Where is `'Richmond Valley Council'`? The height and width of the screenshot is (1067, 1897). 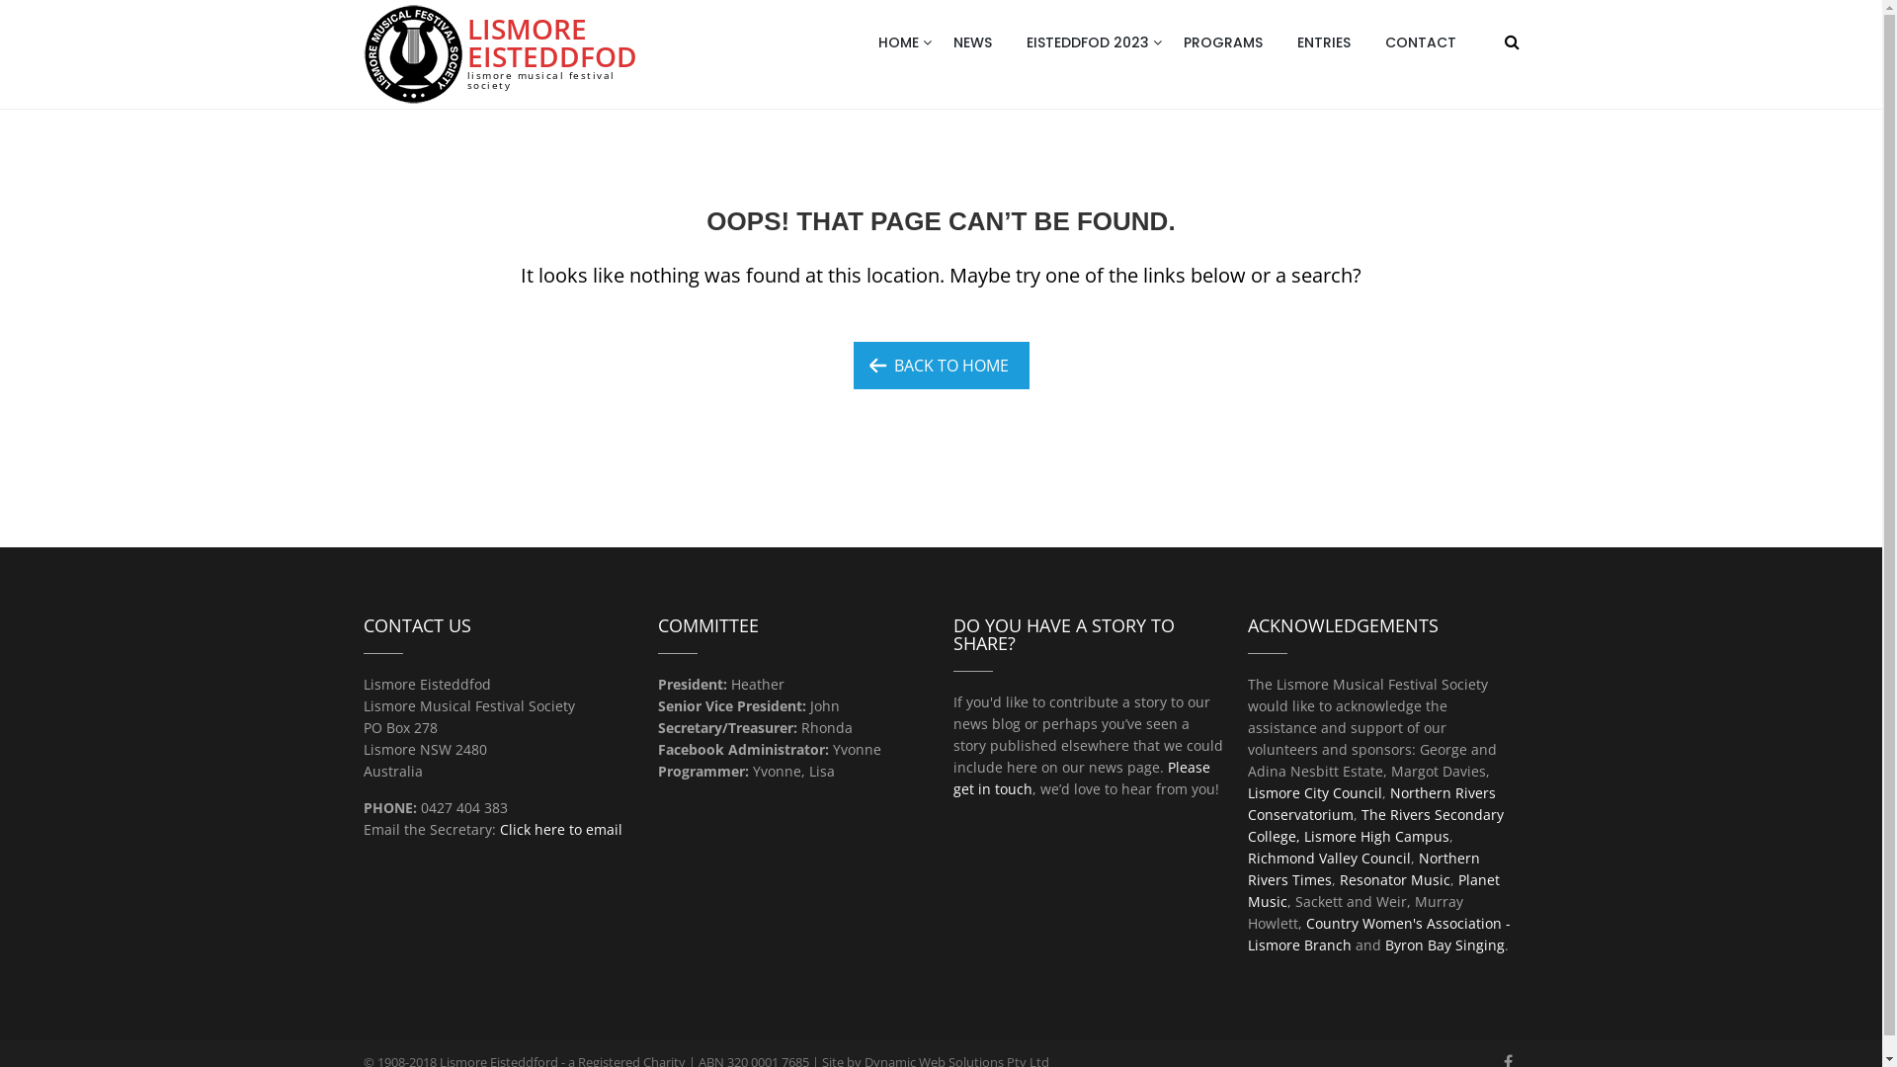 'Richmond Valley Council' is located at coordinates (1329, 857).